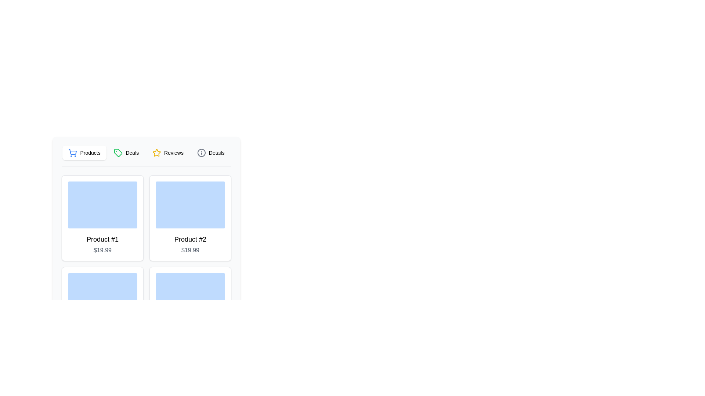 This screenshot has width=705, height=396. What do you see at coordinates (90, 152) in the screenshot?
I see `text label 'Products' located in the menu bar near the top-left corner of the interface for navigation clarity` at bounding box center [90, 152].